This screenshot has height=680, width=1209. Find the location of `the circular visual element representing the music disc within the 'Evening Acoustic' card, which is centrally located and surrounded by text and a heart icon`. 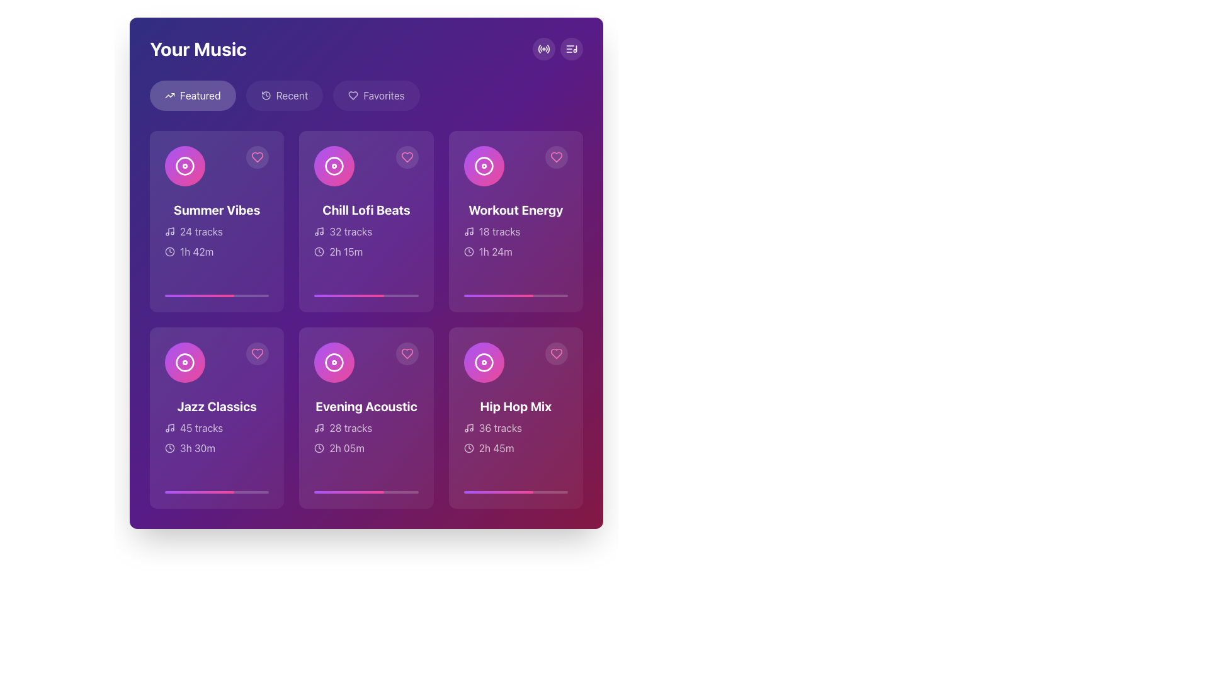

the circular visual element representing the music disc within the 'Evening Acoustic' card, which is centrally located and surrounded by text and a heart icon is located at coordinates (334, 362).